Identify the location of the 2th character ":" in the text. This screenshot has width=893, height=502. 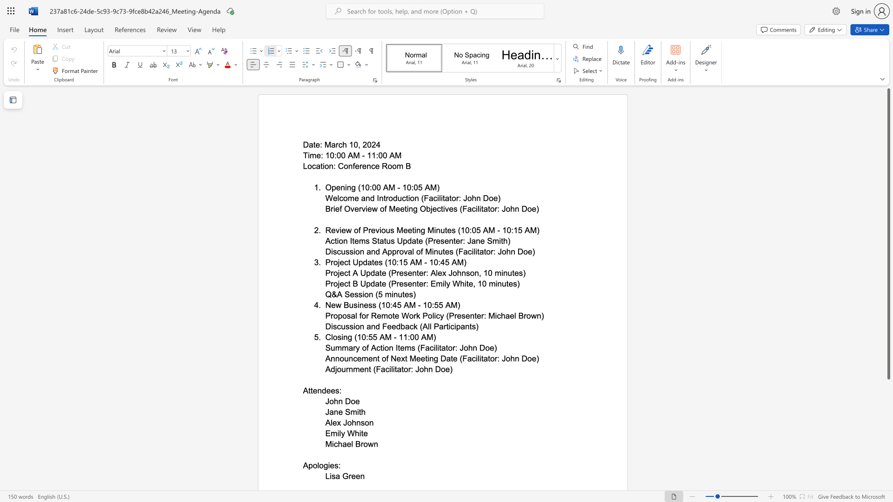
(512, 230).